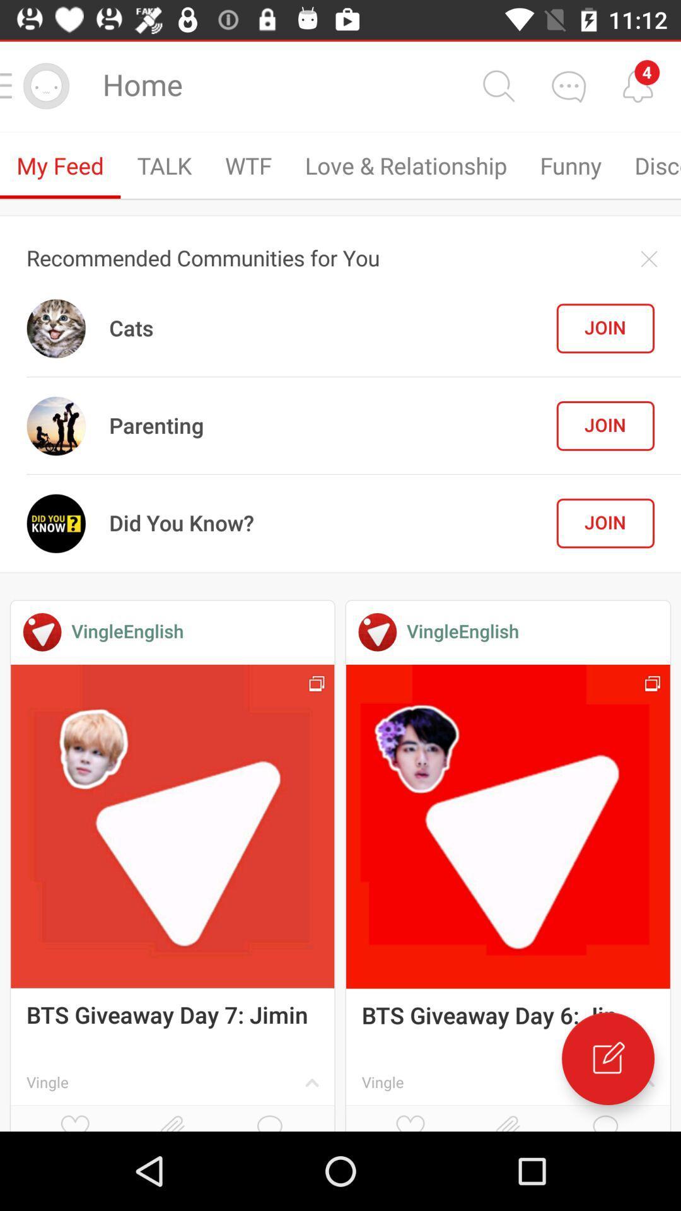 Image resolution: width=681 pixels, height=1211 pixels. Describe the element at coordinates (498, 85) in the screenshot. I see `the search icon` at that location.